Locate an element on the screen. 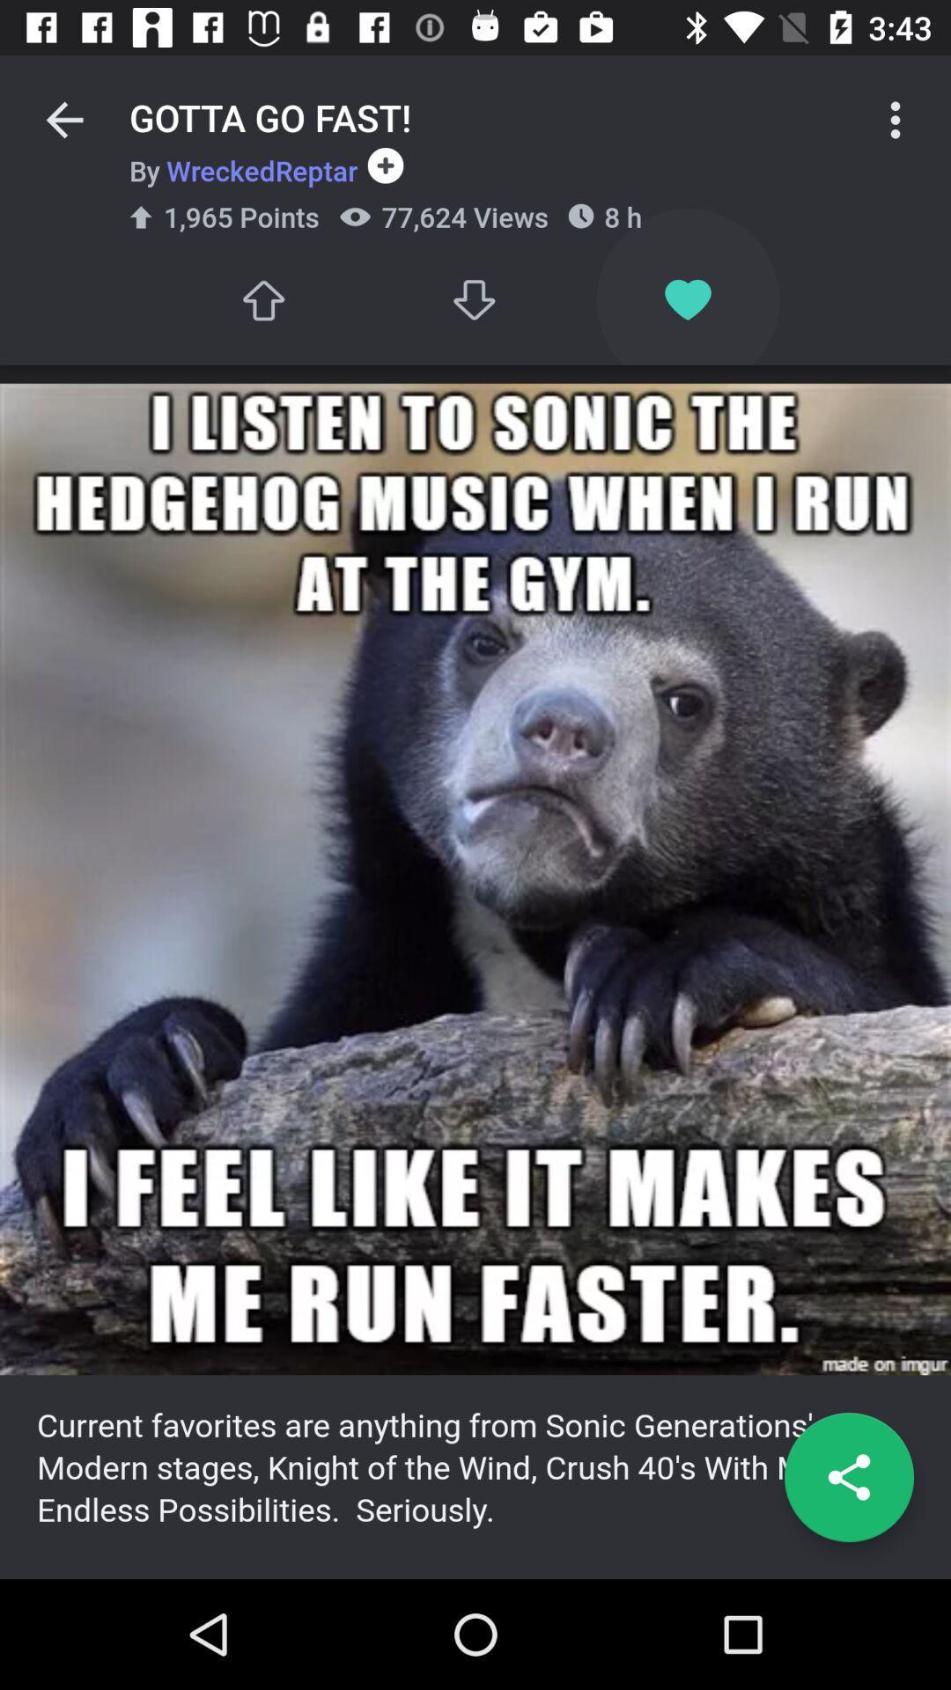 The height and width of the screenshot is (1690, 951). the more icon is located at coordinates (896, 119).